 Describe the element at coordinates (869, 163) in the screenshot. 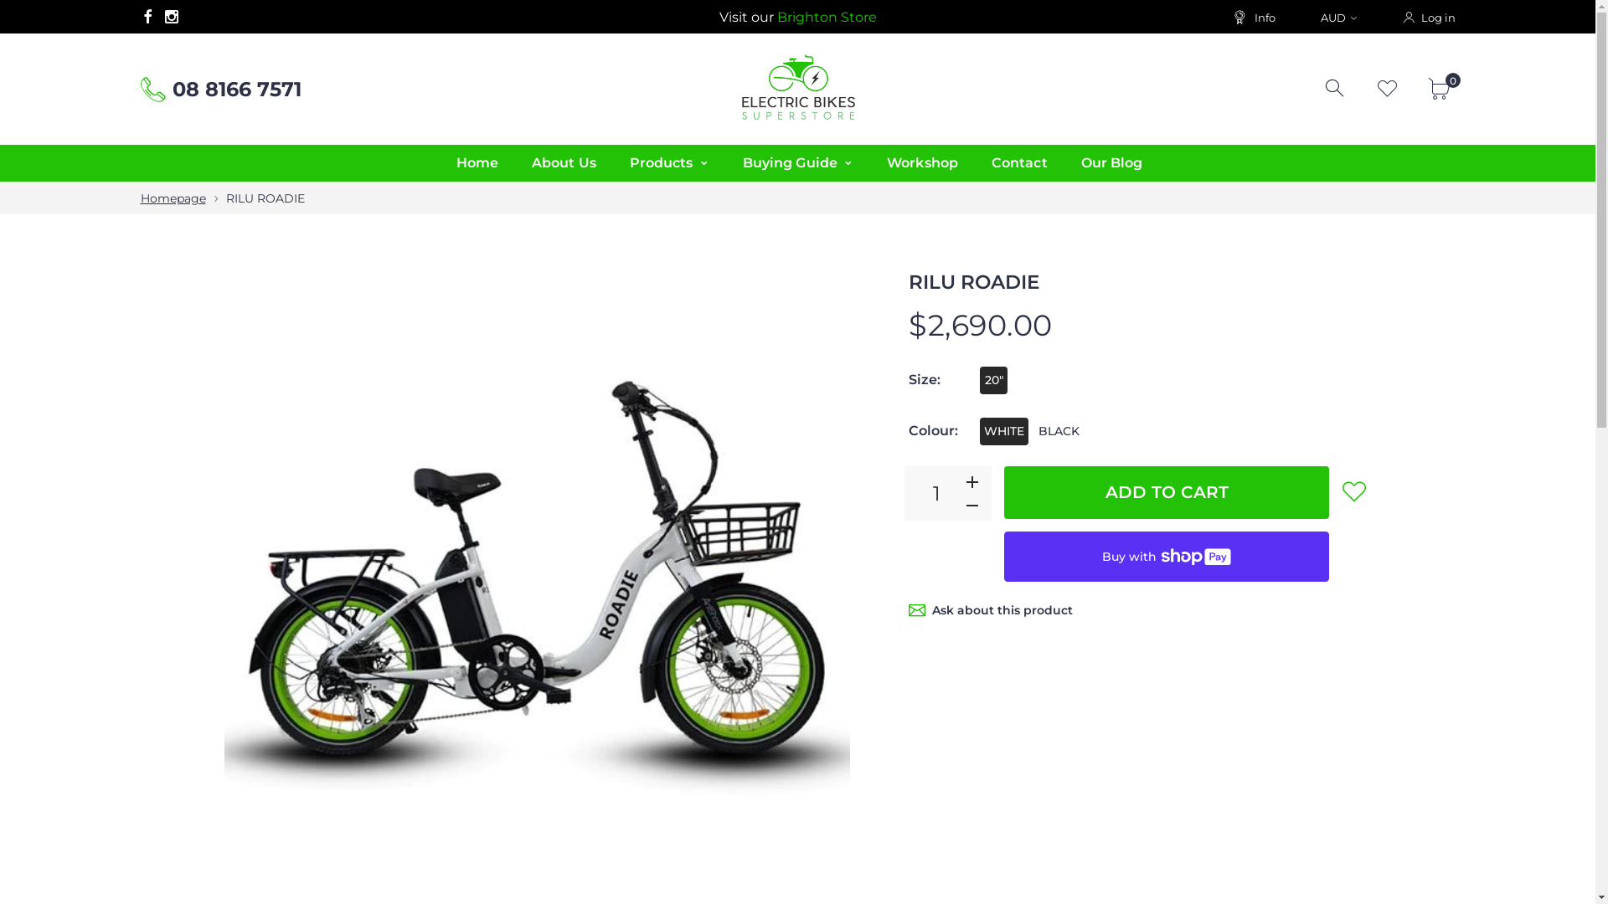

I see `'Workshop'` at that location.